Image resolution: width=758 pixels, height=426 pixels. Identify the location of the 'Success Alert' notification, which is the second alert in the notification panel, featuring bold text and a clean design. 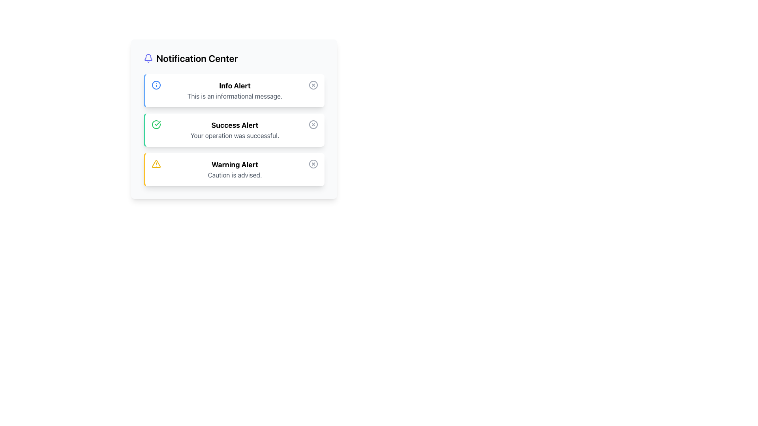
(235, 130).